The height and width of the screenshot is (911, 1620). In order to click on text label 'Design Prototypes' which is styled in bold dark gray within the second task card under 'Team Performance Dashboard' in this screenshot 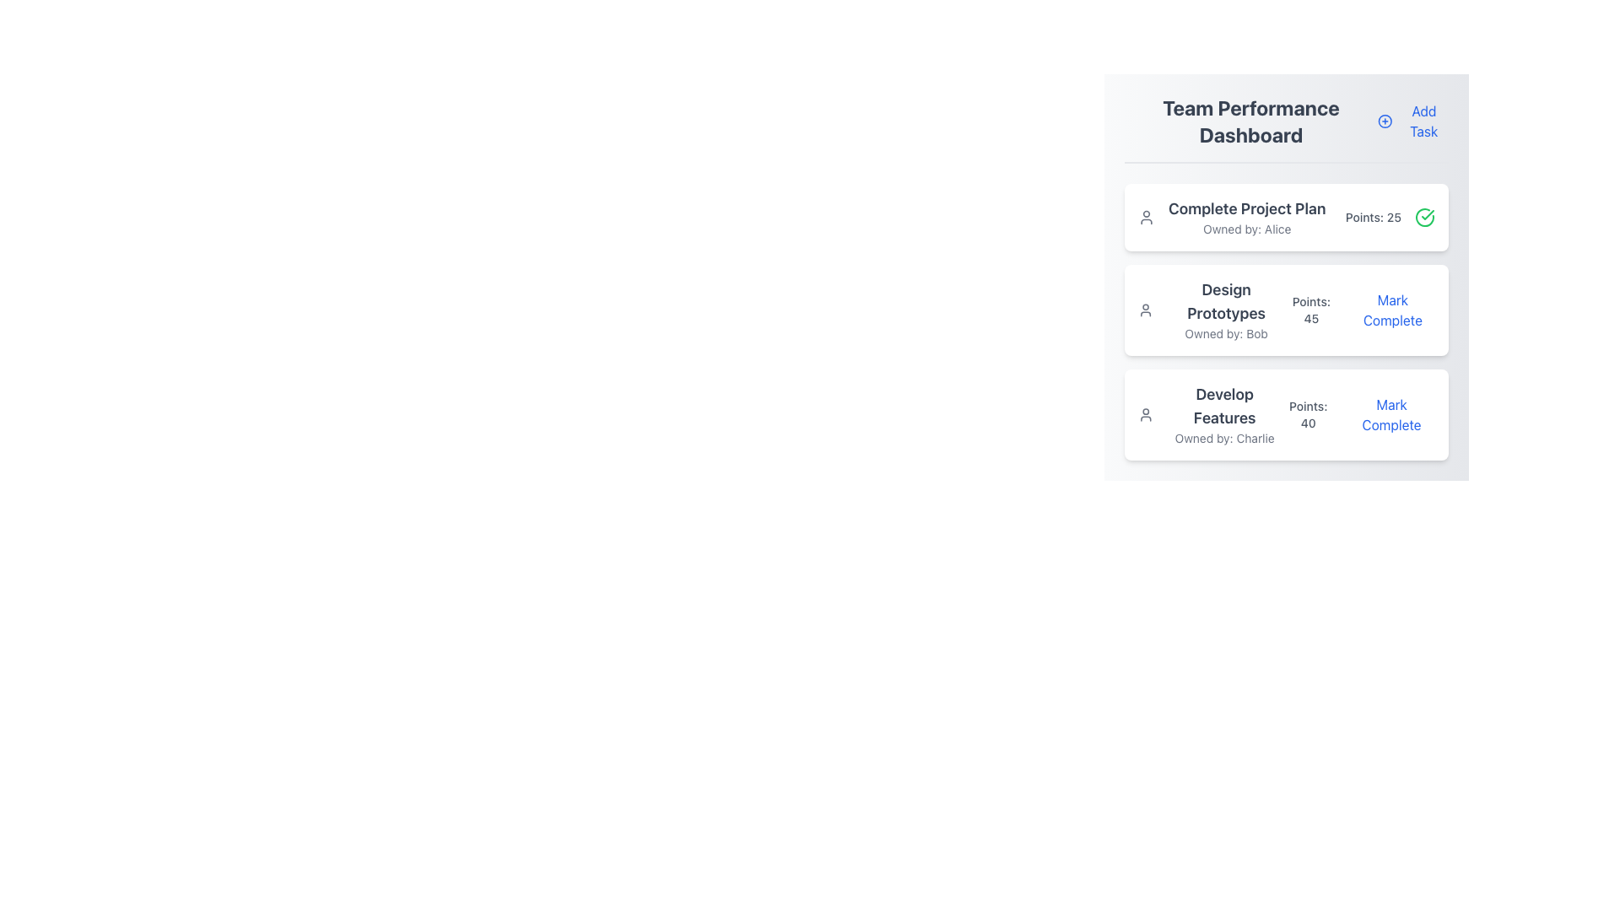, I will do `click(1226, 301)`.